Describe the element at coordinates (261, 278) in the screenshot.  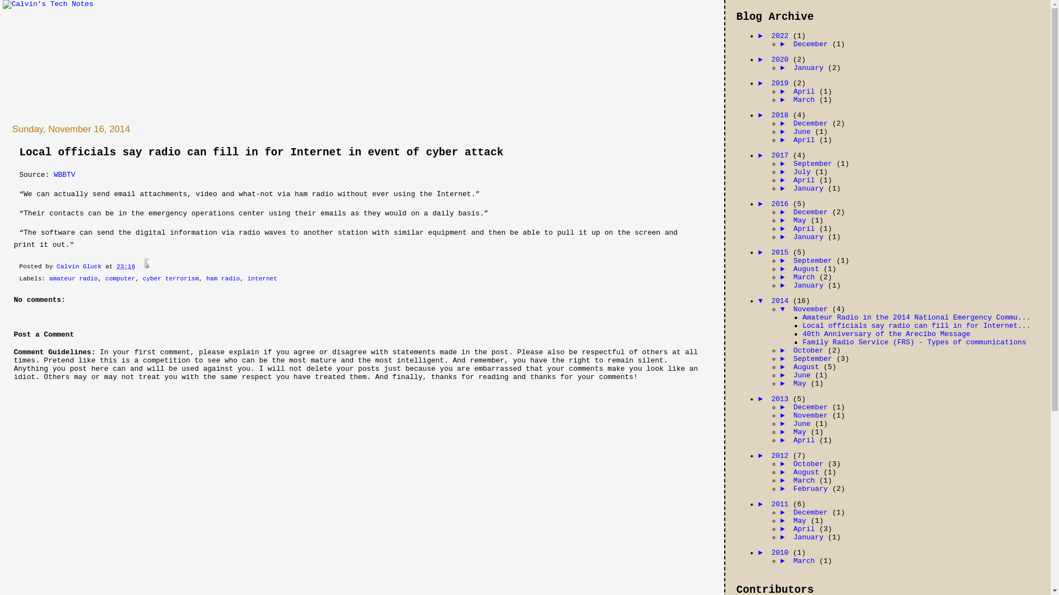
I see `'internet'` at that location.